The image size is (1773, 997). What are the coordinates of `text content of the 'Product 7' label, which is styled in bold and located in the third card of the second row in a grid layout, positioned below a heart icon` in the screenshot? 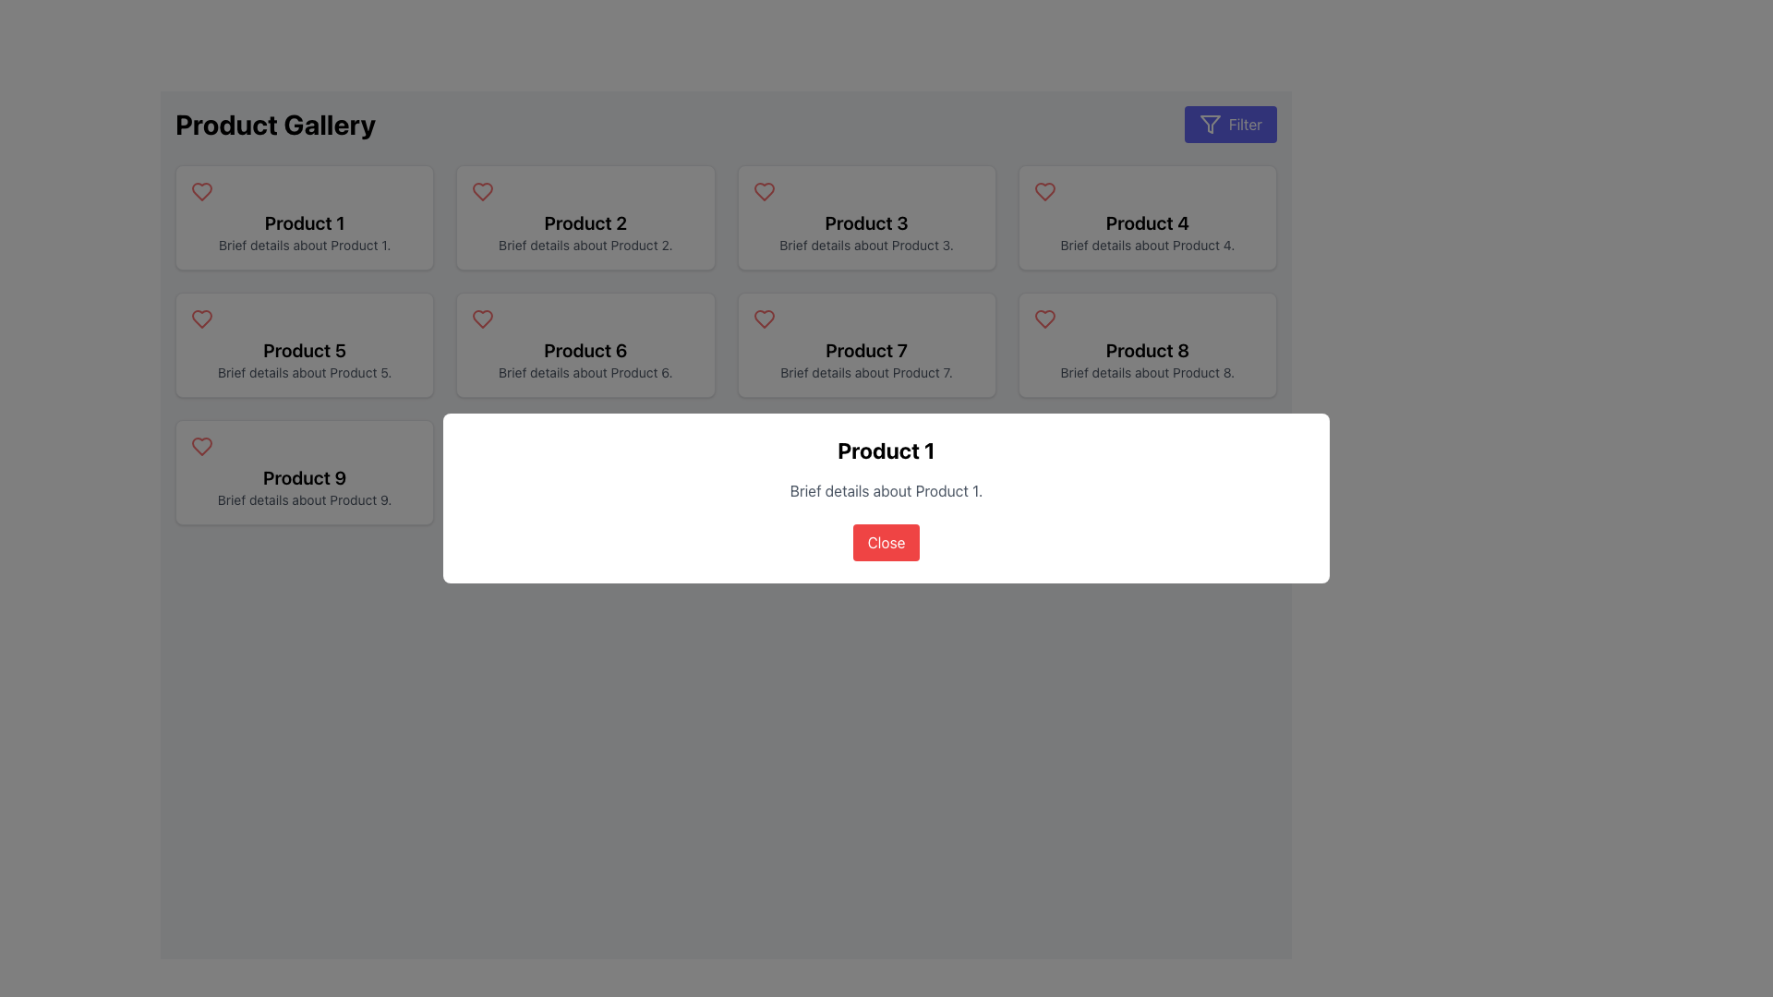 It's located at (865, 351).